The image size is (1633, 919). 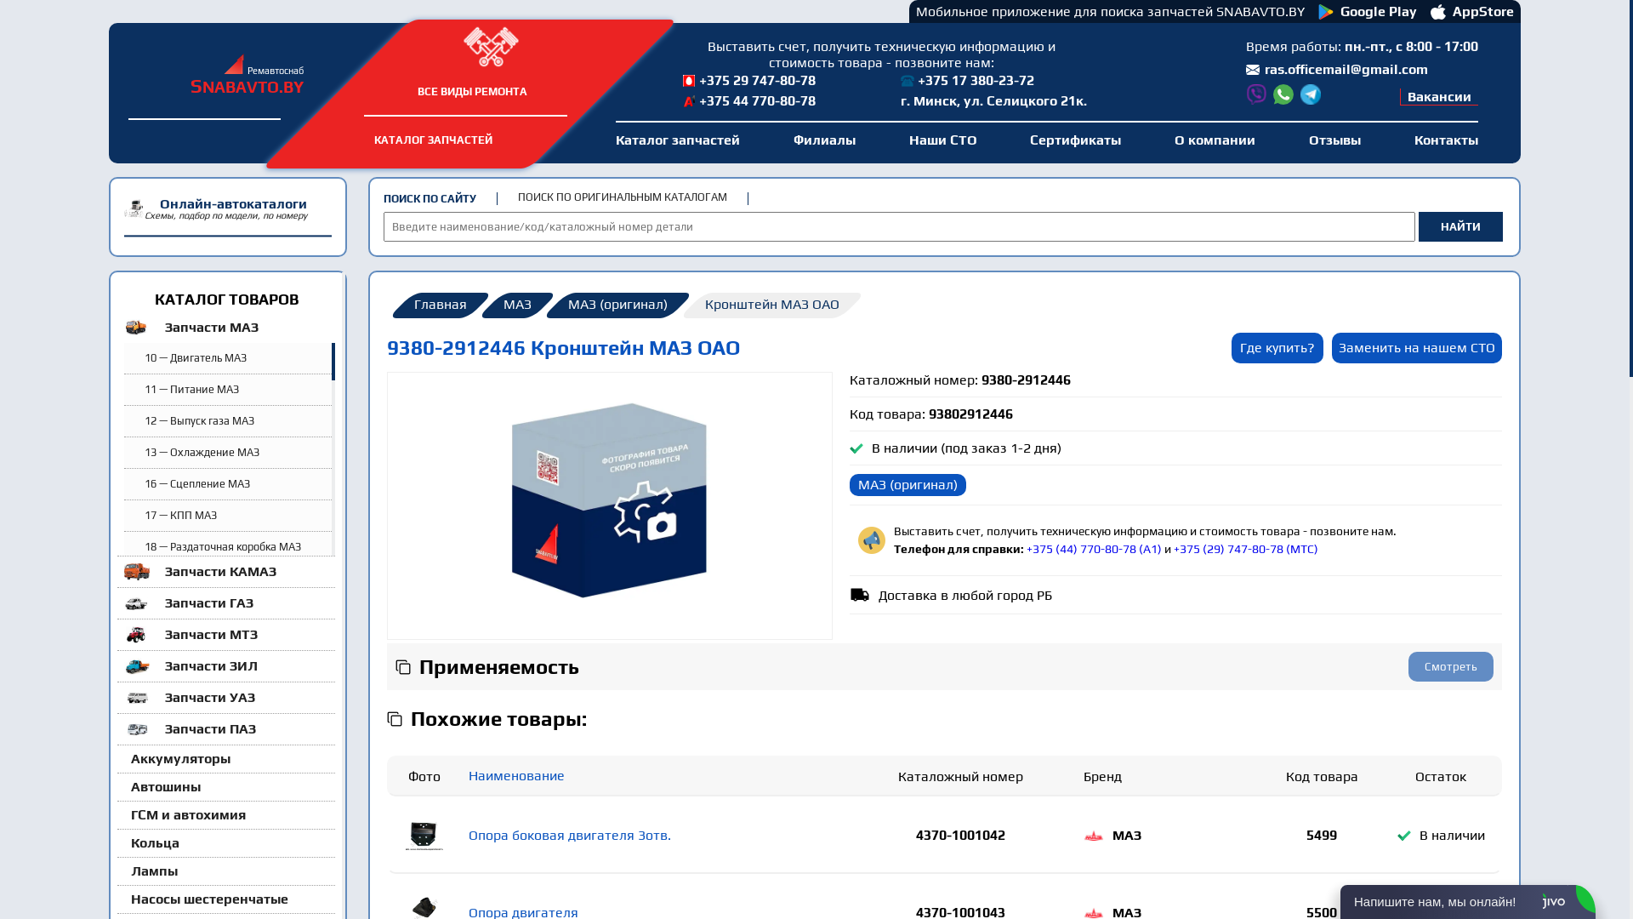 What do you see at coordinates (1368, 10) in the screenshot?
I see `'Google Play'` at bounding box center [1368, 10].